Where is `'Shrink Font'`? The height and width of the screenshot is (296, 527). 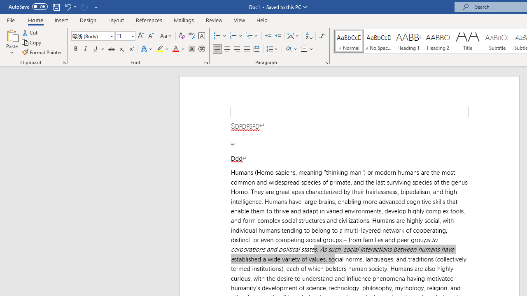 'Shrink Font' is located at coordinates (151, 35).